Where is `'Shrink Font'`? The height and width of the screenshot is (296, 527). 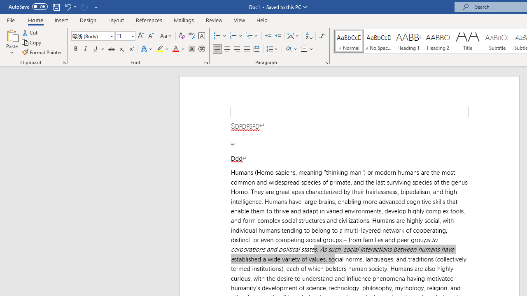 'Shrink Font' is located at coordinates (151, 35).